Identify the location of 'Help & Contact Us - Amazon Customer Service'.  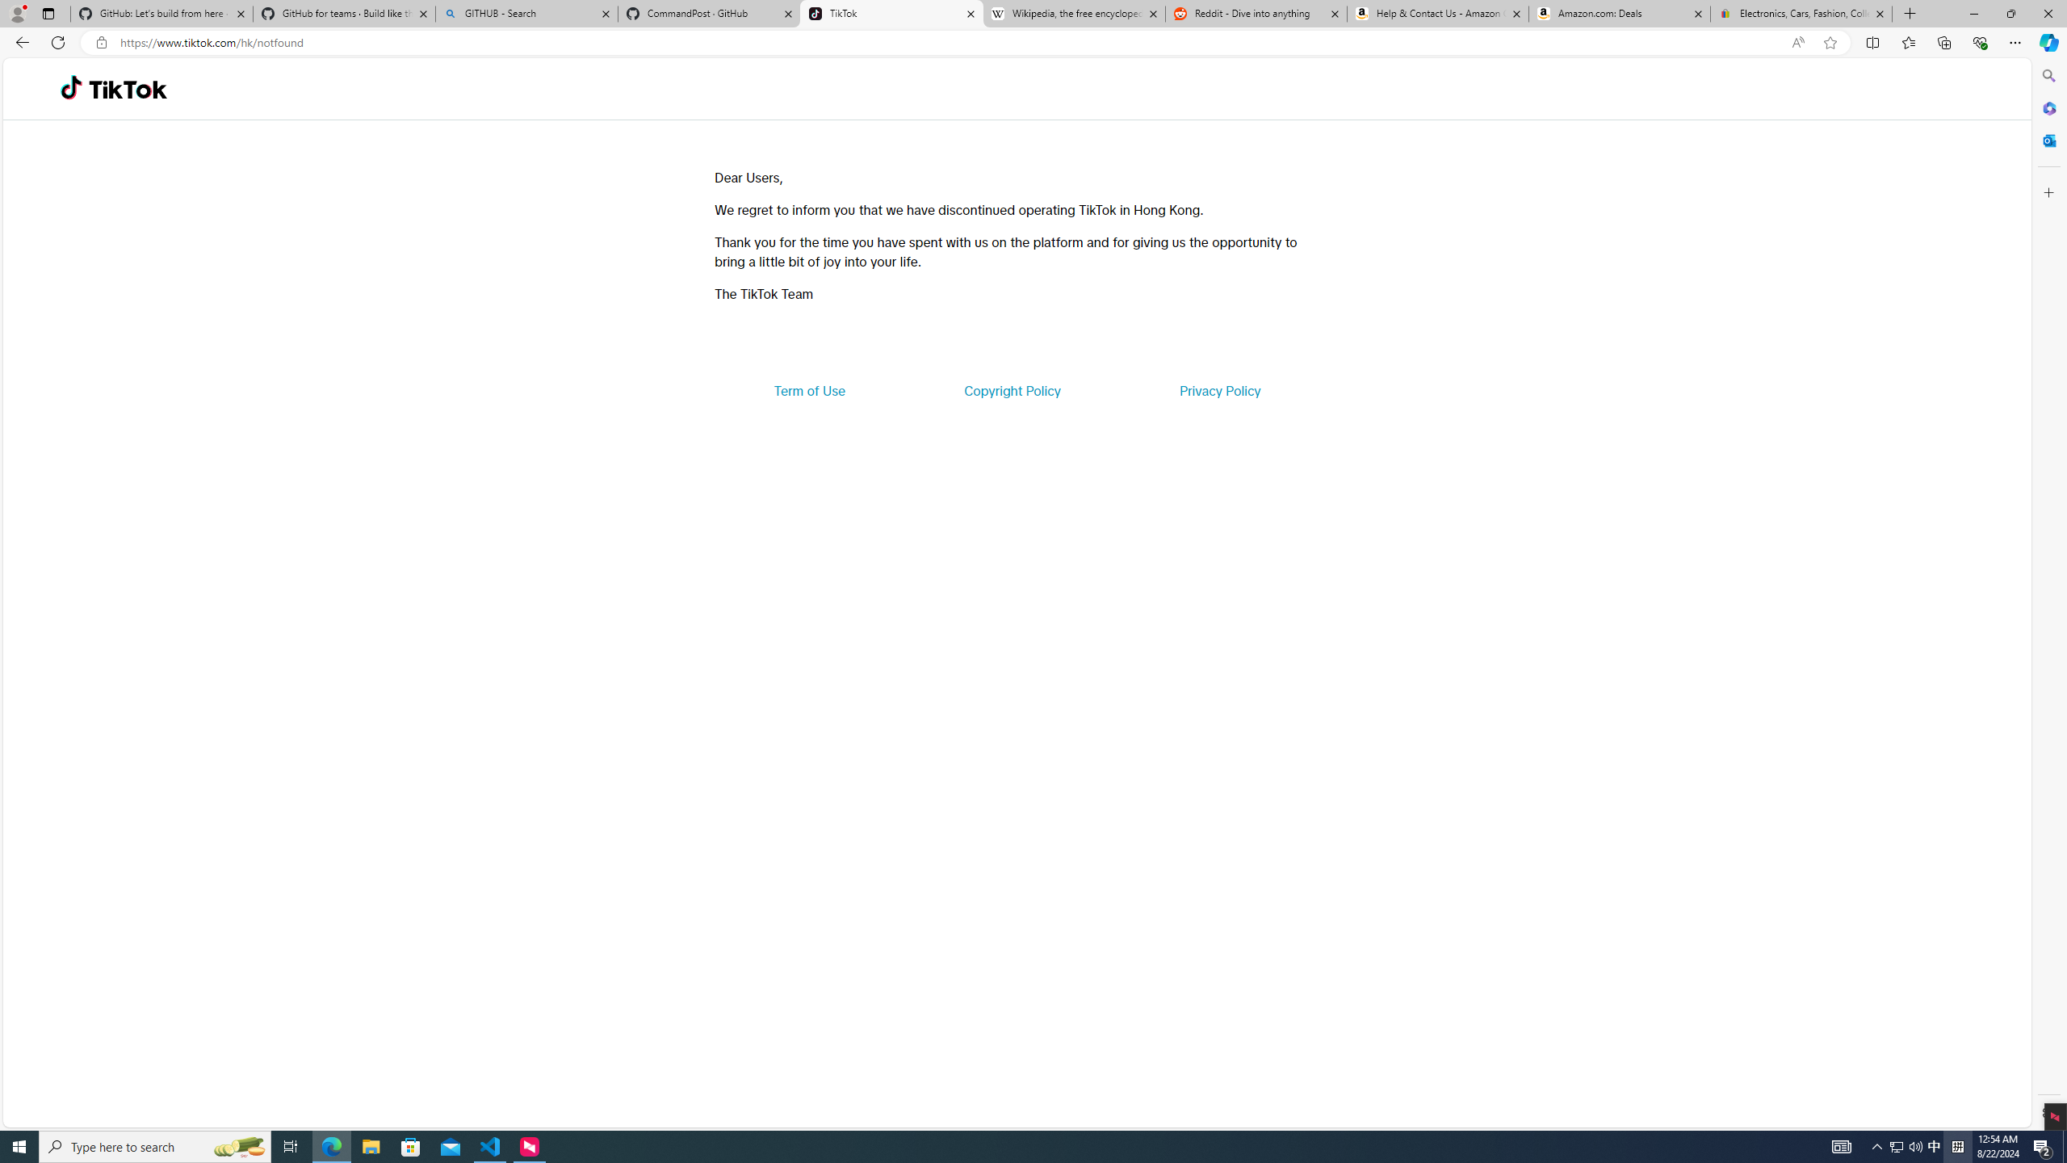
(1437, 13).